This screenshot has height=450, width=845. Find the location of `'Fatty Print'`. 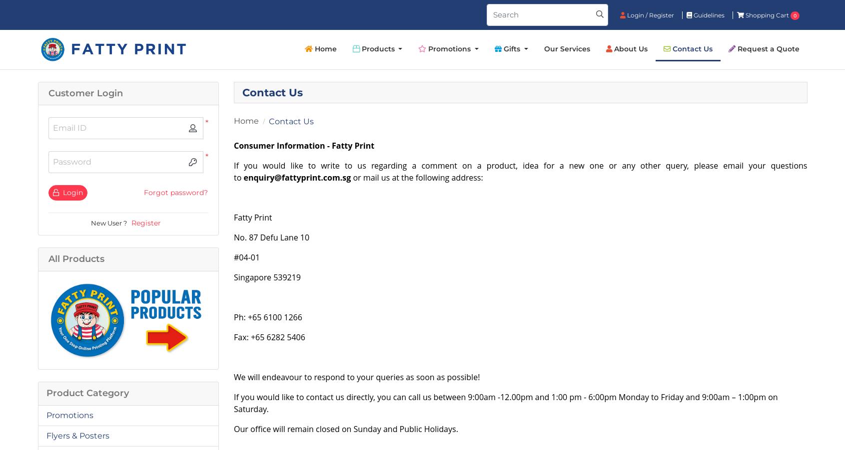

'Fatty Print' is located at coordinates (252, 218).